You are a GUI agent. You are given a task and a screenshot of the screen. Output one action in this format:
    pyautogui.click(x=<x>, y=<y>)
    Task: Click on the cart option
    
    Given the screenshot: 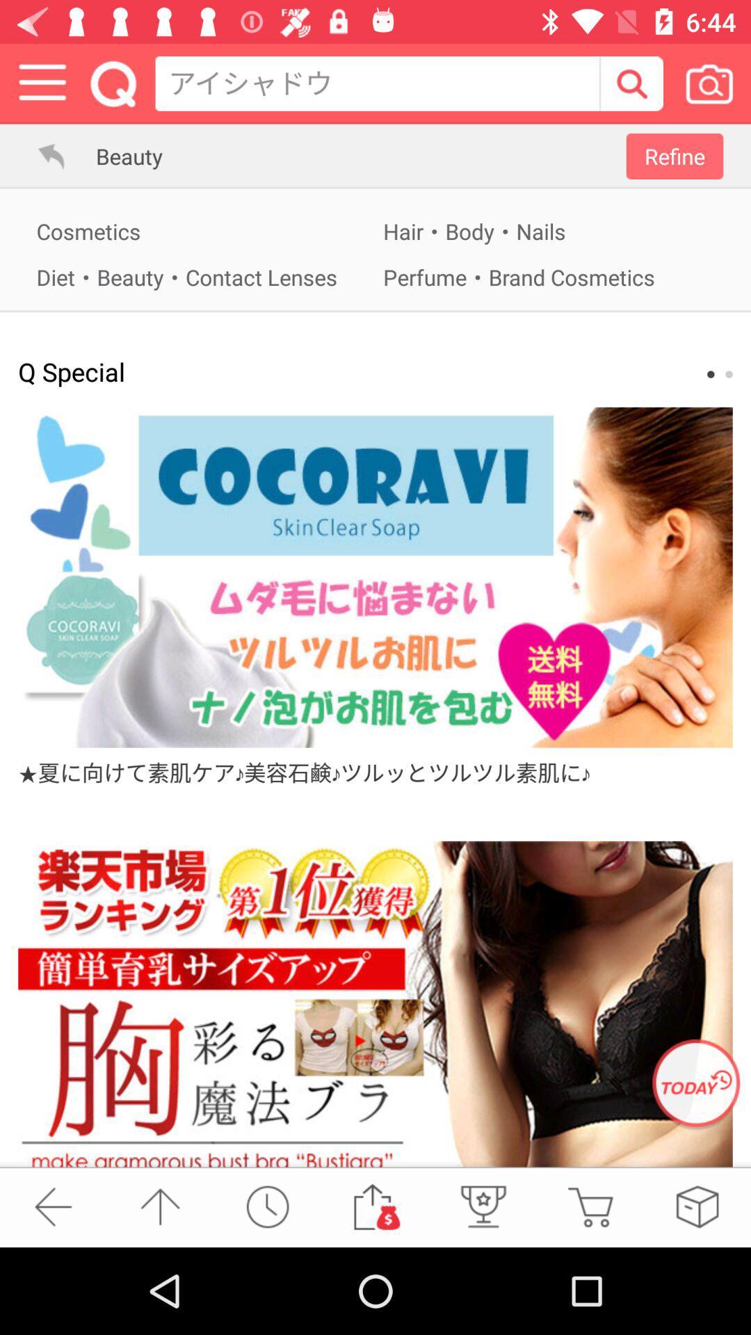 What is the action you would take?
    pyautogui.click(x=590, y=1206)
    